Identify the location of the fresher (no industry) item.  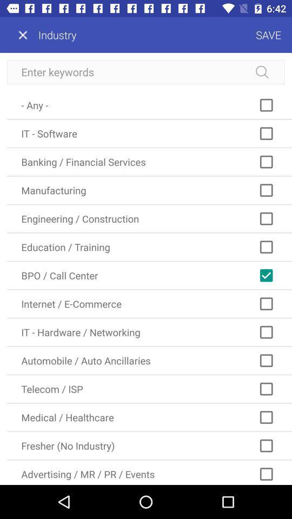
(149, 445).